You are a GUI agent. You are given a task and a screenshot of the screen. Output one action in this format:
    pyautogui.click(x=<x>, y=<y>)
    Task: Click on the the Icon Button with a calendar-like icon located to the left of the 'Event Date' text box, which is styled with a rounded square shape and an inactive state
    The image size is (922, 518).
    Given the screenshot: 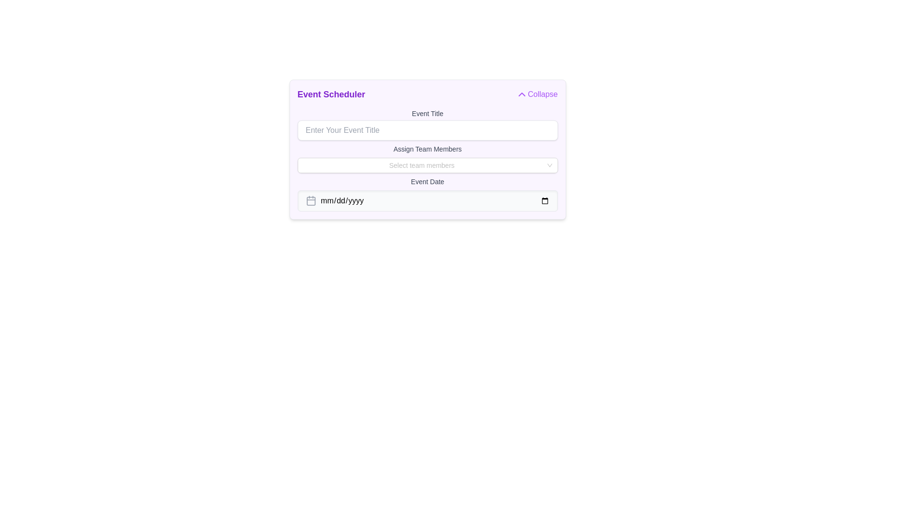 What is the action you would take?
    pyautogui.click(x=311, y=200)
    